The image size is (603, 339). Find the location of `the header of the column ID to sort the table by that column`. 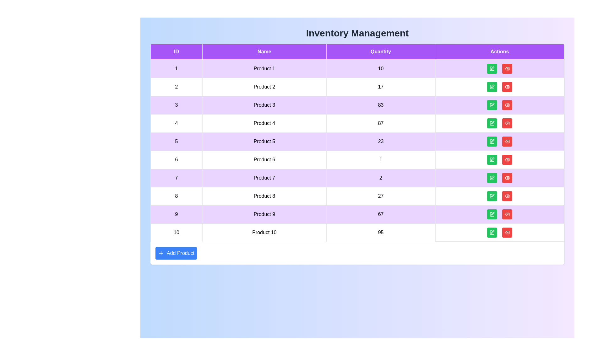

the header of the column ID to sort the table by that column is located at coordinates (176, 51).